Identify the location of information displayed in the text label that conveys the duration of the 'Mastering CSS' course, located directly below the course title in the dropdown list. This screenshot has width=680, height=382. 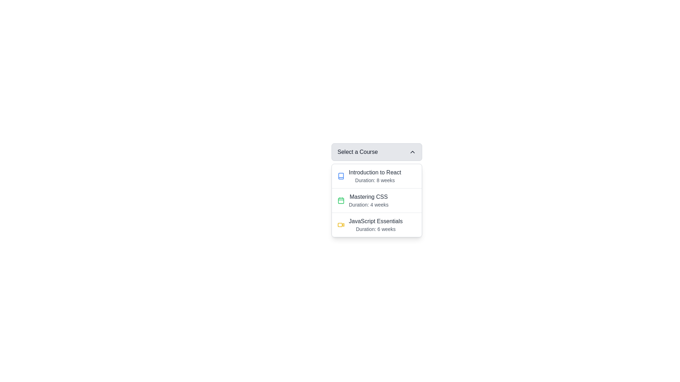
(368, 204).